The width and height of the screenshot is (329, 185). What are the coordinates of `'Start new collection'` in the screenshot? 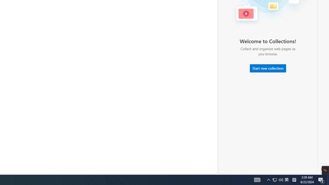 It's located at (268, 68).